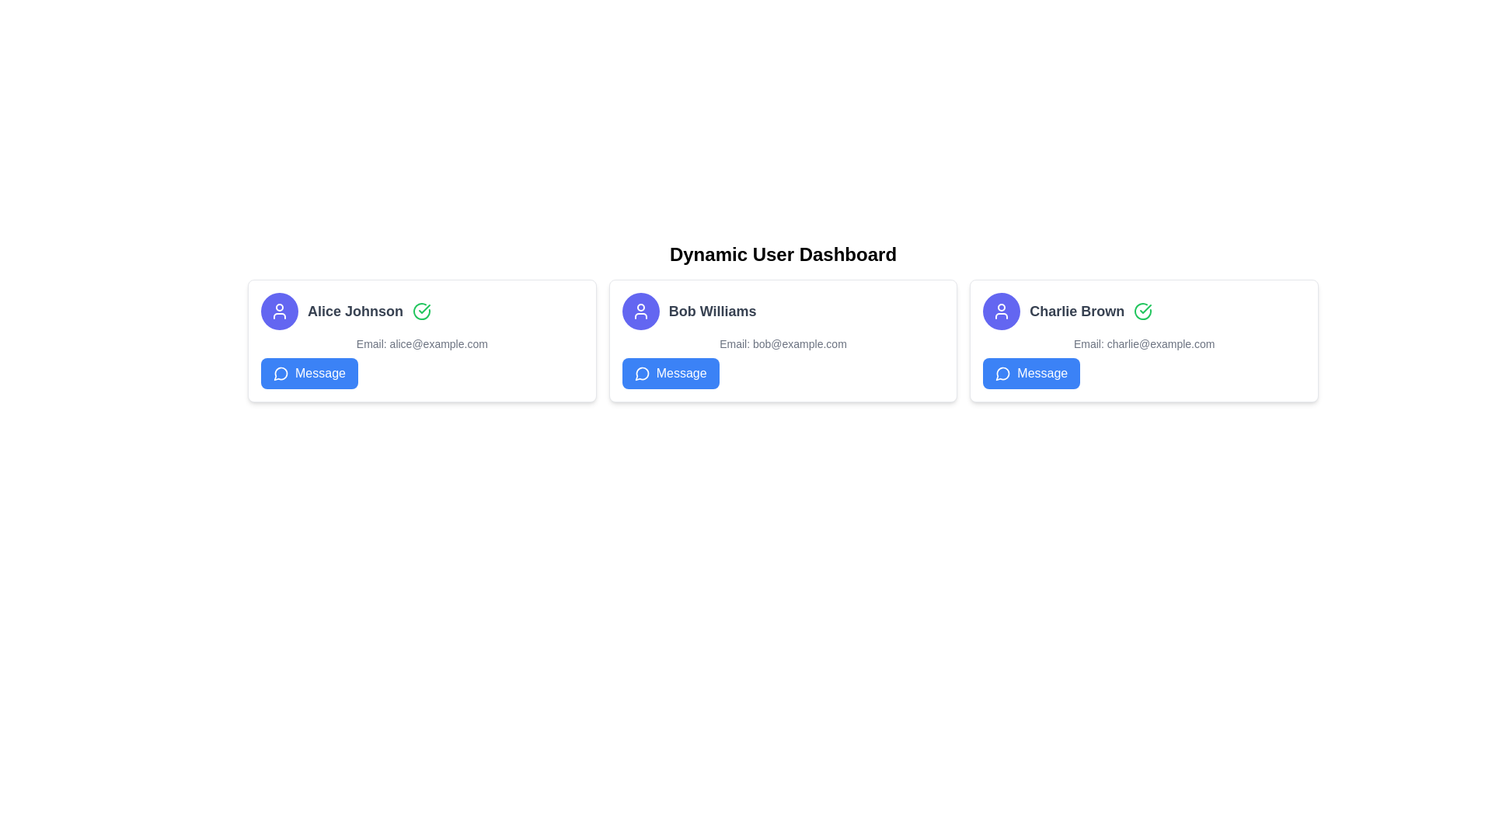  Describe the element at coordinates (354, 312) in the screenshot. I see `the text label displaying 'Alice Johnson' in bold and larger font, which is part of the user card and located between the user's avatar and a checkmark icon` at that location.